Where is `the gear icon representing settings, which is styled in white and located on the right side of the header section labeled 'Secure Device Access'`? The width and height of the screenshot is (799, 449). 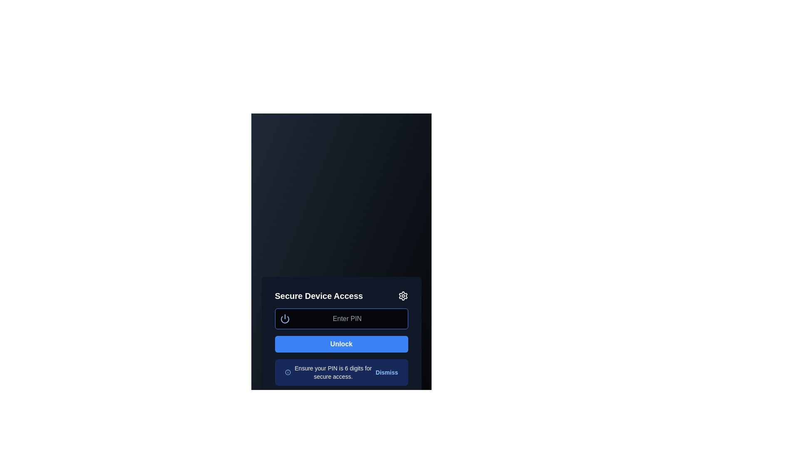 the gear icon representing settings, which is styled in white and located on the right side of the header section labeled 'Secure Device Access' is located at coordinates (403, 296).